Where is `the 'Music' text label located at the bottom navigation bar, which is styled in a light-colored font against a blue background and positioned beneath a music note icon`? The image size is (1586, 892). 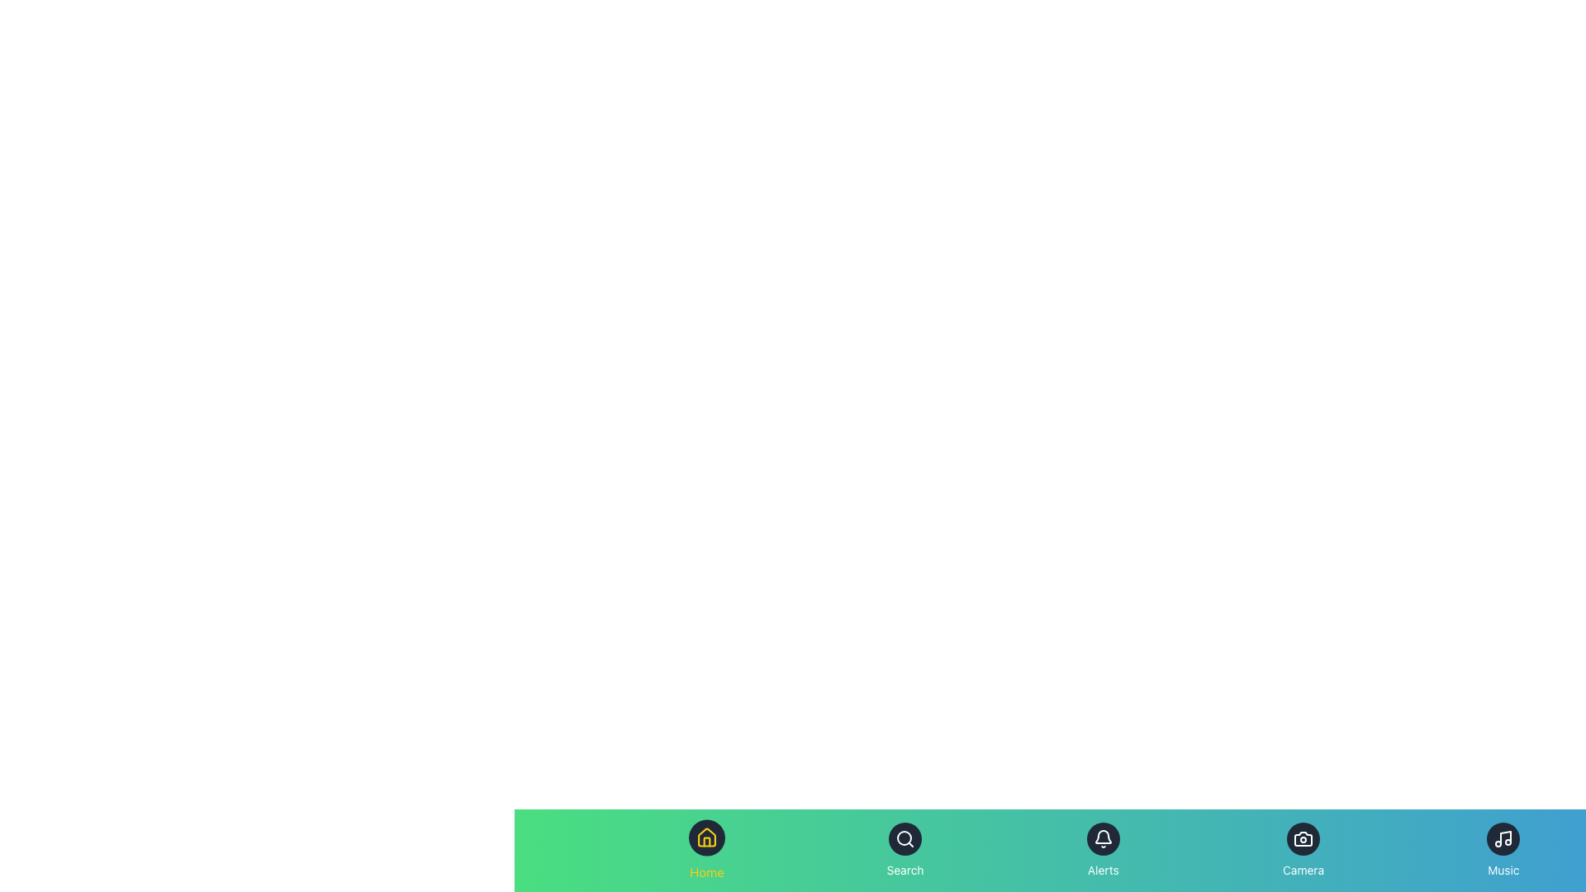
the 'Music' text label located at the bottom navigation bar, which is styled in a light-colored font against a blue background and positioned beneath a music note icon is located at coordinates (1503, 869).